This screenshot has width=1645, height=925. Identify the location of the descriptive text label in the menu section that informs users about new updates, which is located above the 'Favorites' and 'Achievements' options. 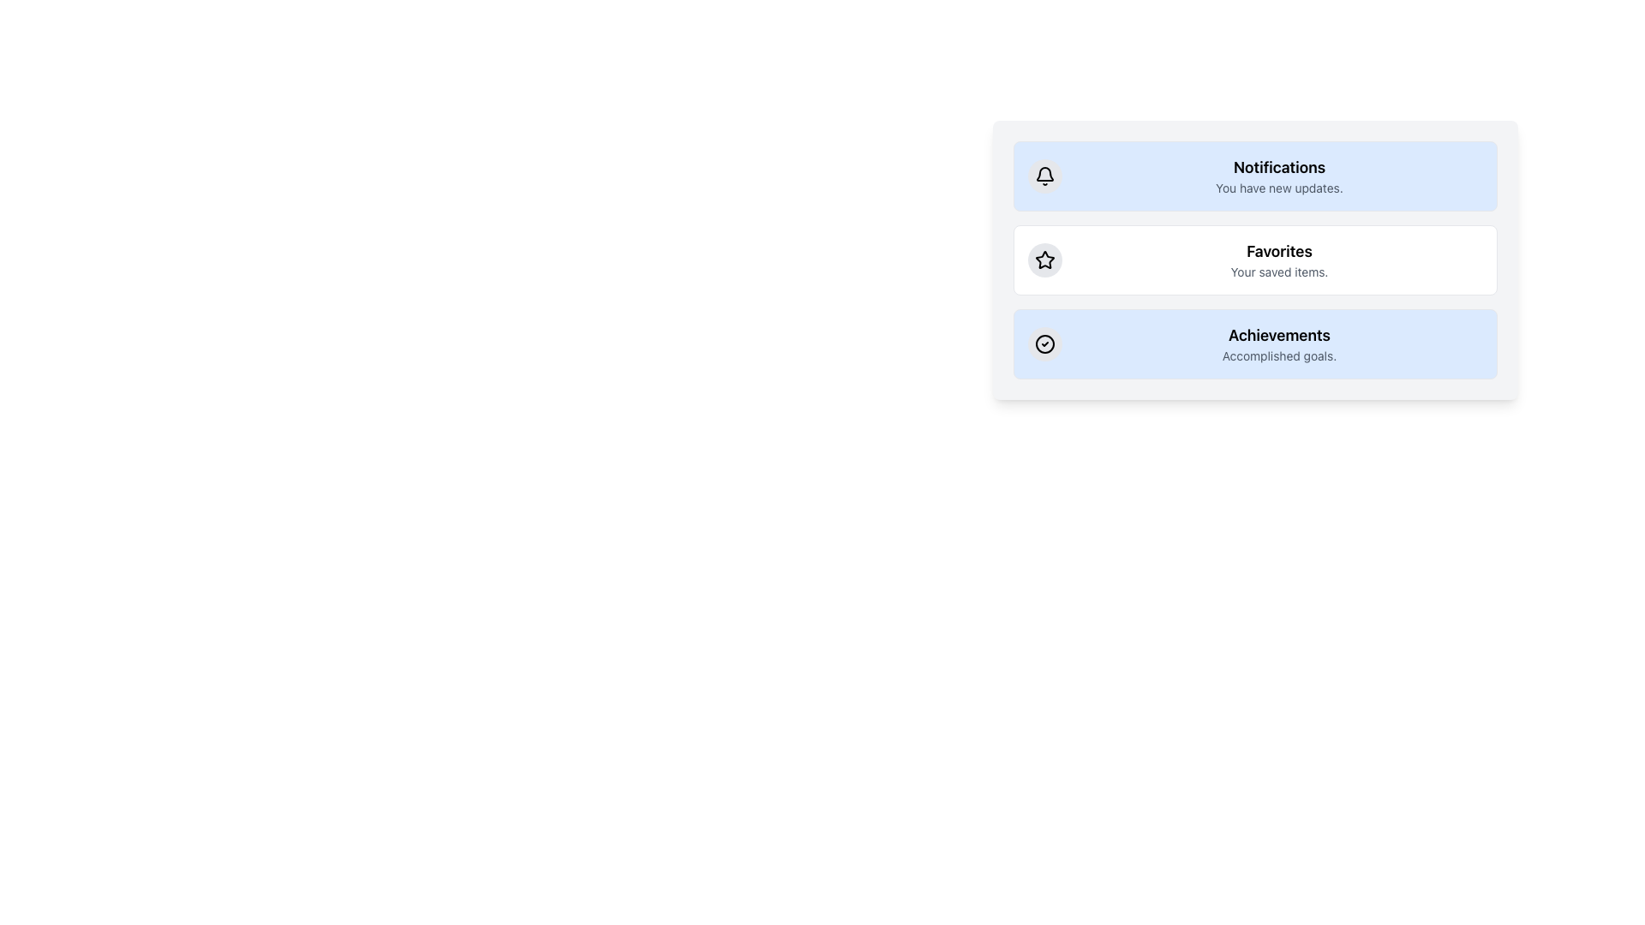
(1279, 176).